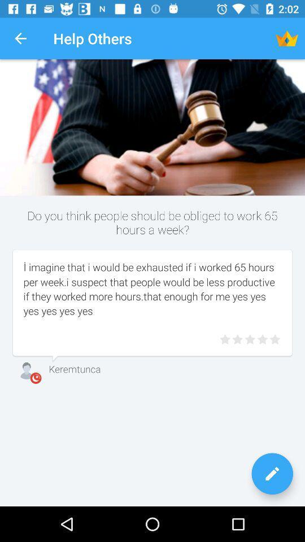 Image resolution: width=305 pixels, height=542 pixels. I want to click on the app next to the help others app, so click(20, 38).